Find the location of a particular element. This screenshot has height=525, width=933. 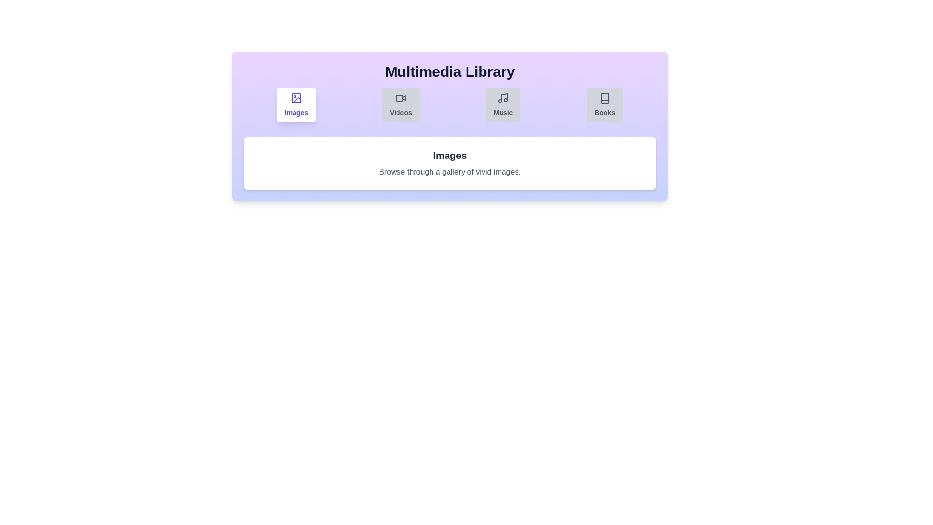

the Music tab by clicking on its button is located at coordinates (503, 105).